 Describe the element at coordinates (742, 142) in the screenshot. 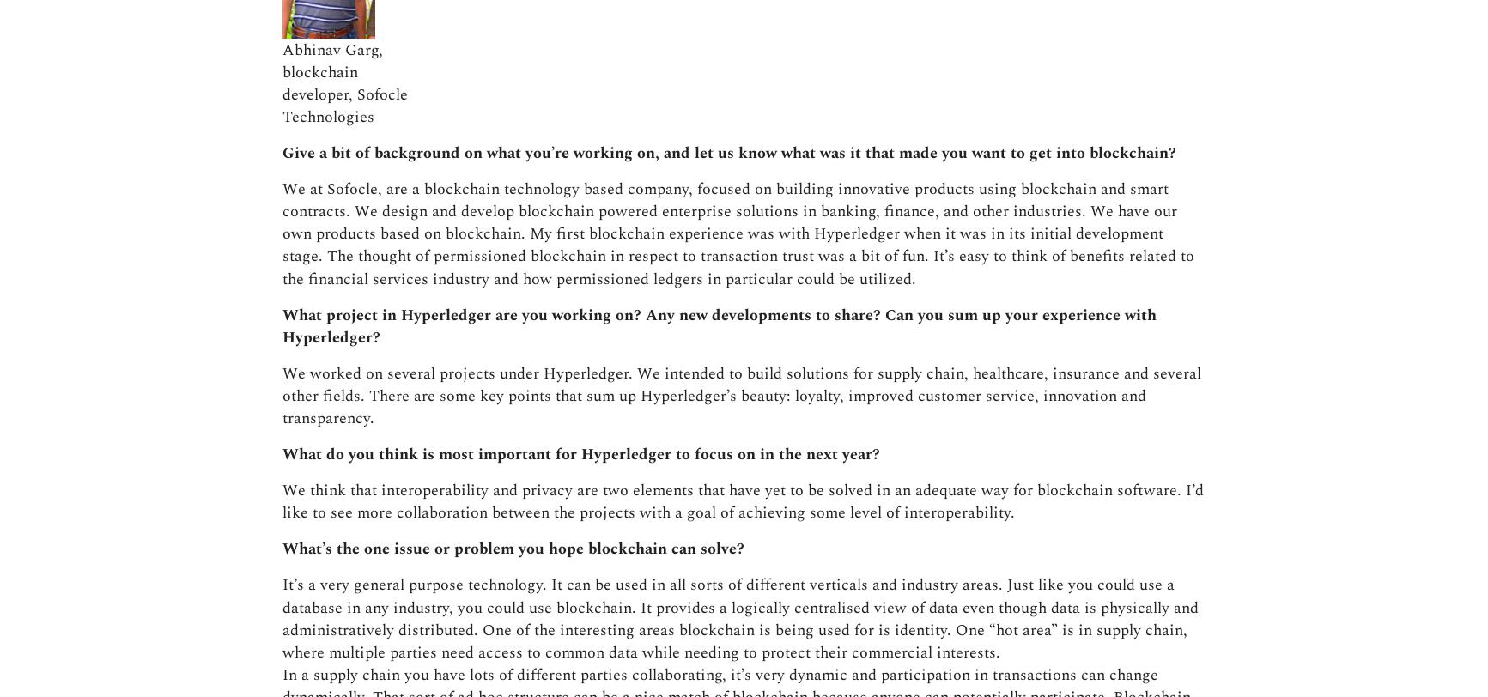

I see `'We think that interoperability and privacy are two elements that have yet to be solved in an adequate way for blockchain software. I’d like to see more collaboration between the projects with a goal of achieving some level of interoperability.'` at that location.